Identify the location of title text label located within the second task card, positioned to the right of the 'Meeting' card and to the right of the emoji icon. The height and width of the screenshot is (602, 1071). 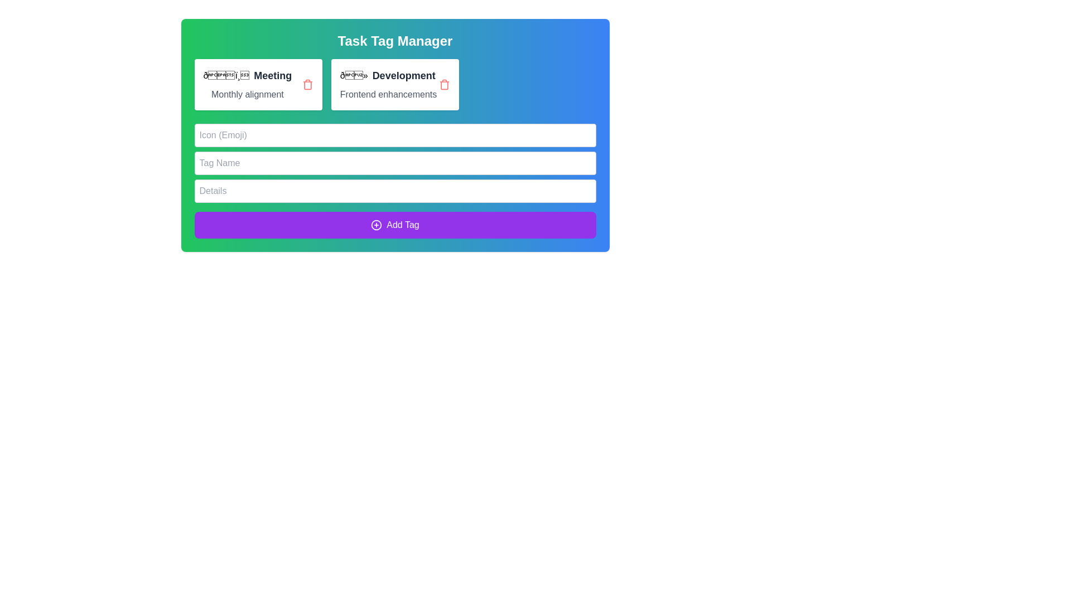
(403, 75).